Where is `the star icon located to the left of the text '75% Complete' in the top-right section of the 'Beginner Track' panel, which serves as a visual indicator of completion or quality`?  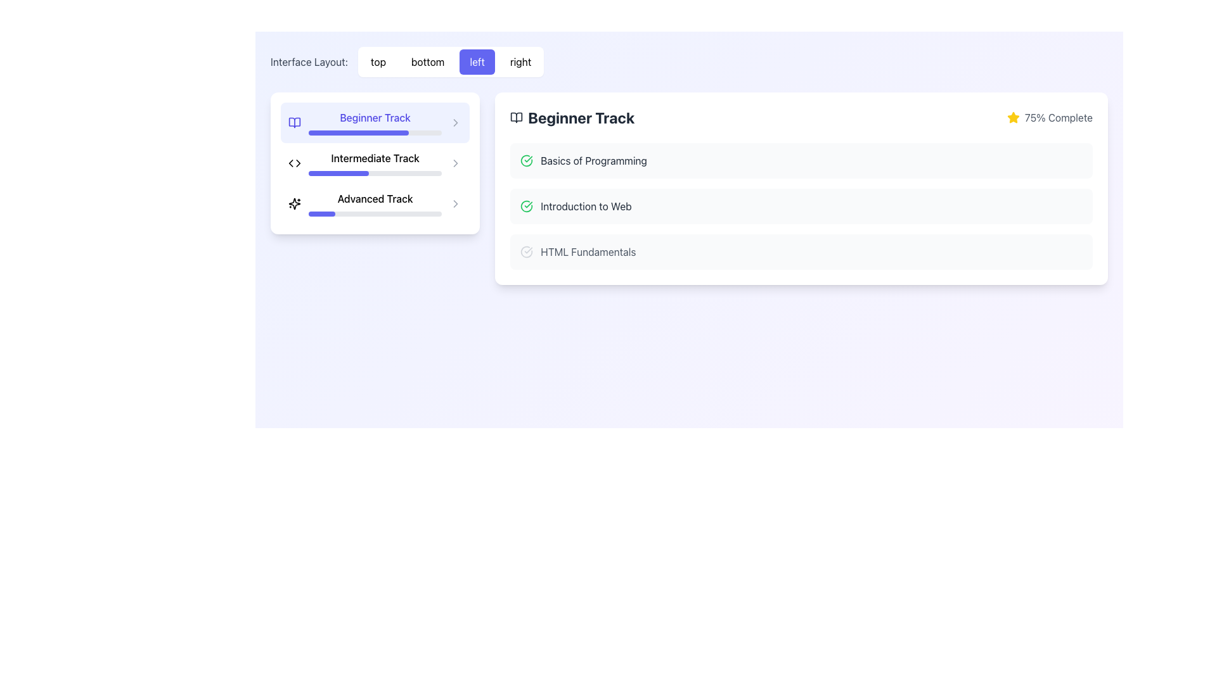
the star icon located to the left of the text '75% Complete' in the top-right section of the 'Beginner Track' panel, which serves as a visual indicator of completion or quality is located at coordinates (1012, 117).